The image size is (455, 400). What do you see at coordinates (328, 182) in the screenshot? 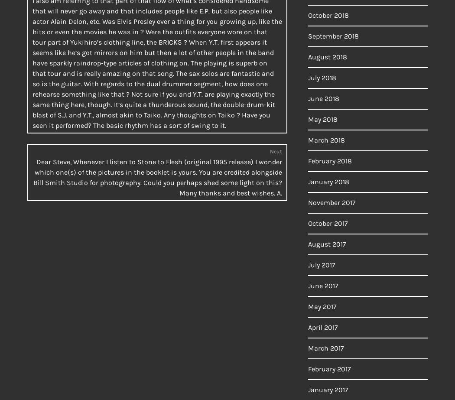
I see `'January 2018'` at bounding box center [328, 182].